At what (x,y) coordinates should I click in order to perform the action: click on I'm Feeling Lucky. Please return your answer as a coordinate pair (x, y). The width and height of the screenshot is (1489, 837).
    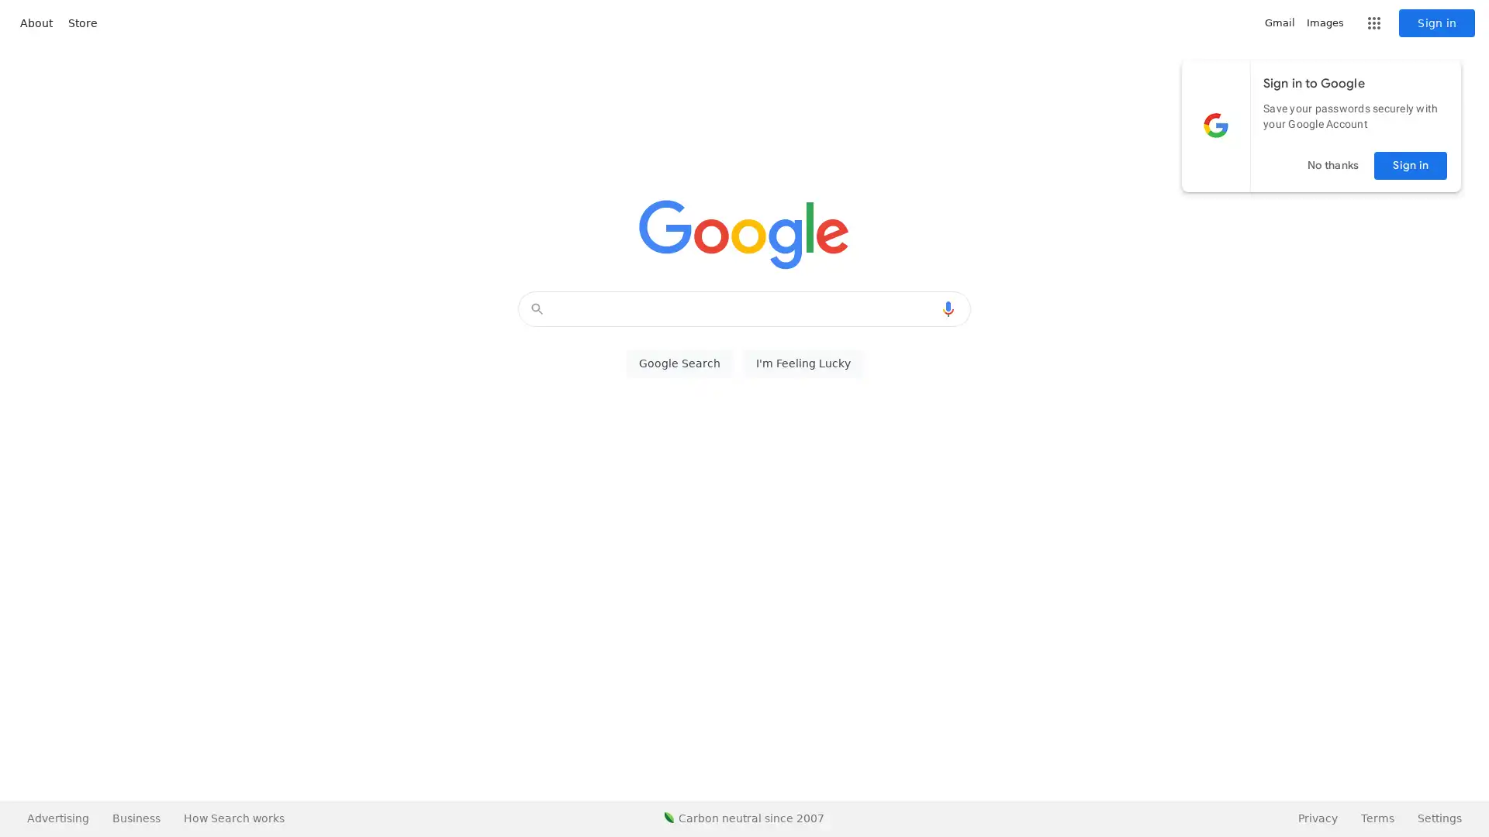
    Looking at the image, I should click on (803, 363).